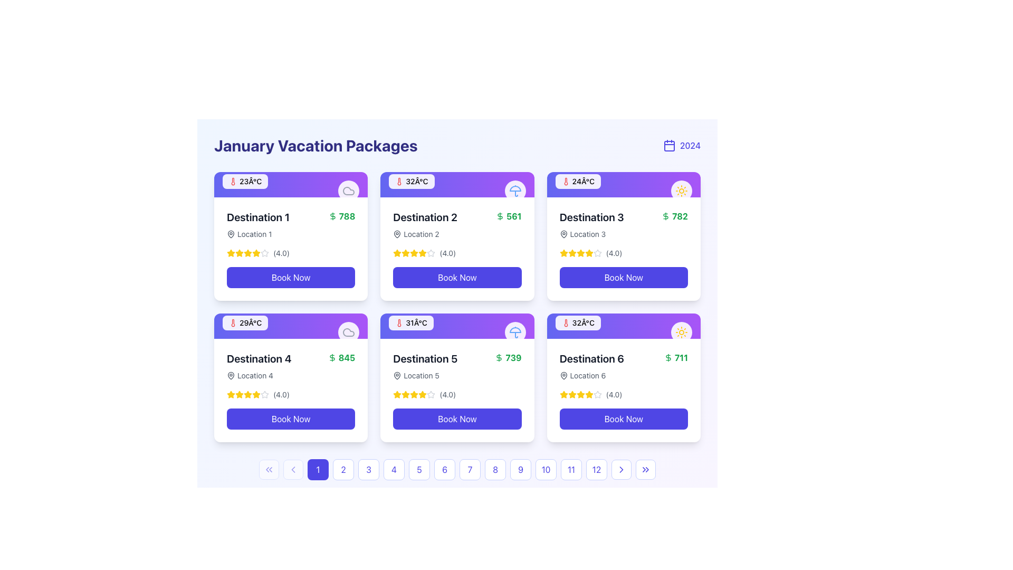  What do you see at coordinates (681, 331) in the screenshot?
I see `the sun-shaped yellow icon with rays, located in the top right corner of the card for 'Destination 3' in the 3x2 grid layout` at bounding box center [681, 331].